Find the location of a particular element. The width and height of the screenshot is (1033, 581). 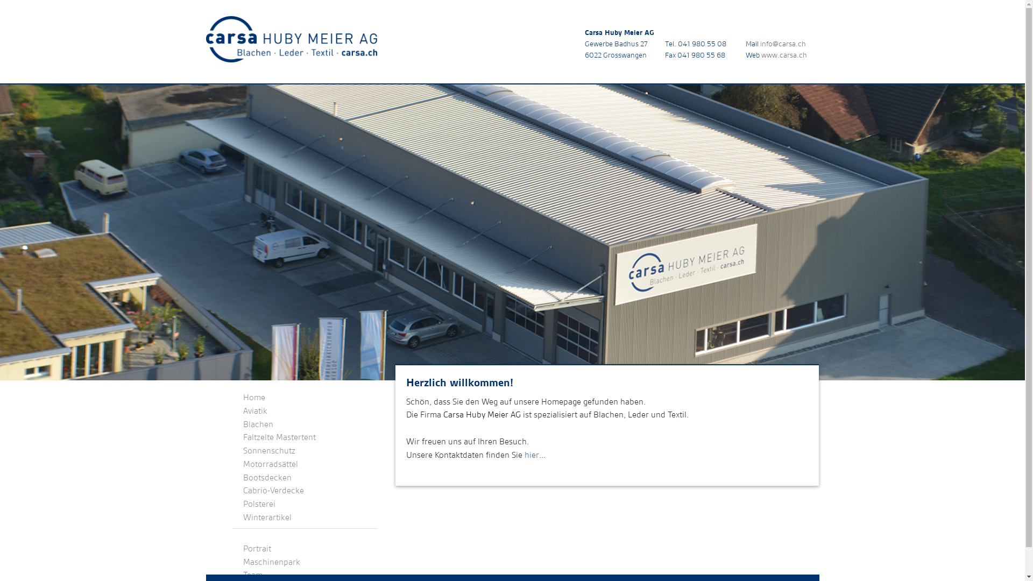

'Team' is located at coordinates (252, 574).